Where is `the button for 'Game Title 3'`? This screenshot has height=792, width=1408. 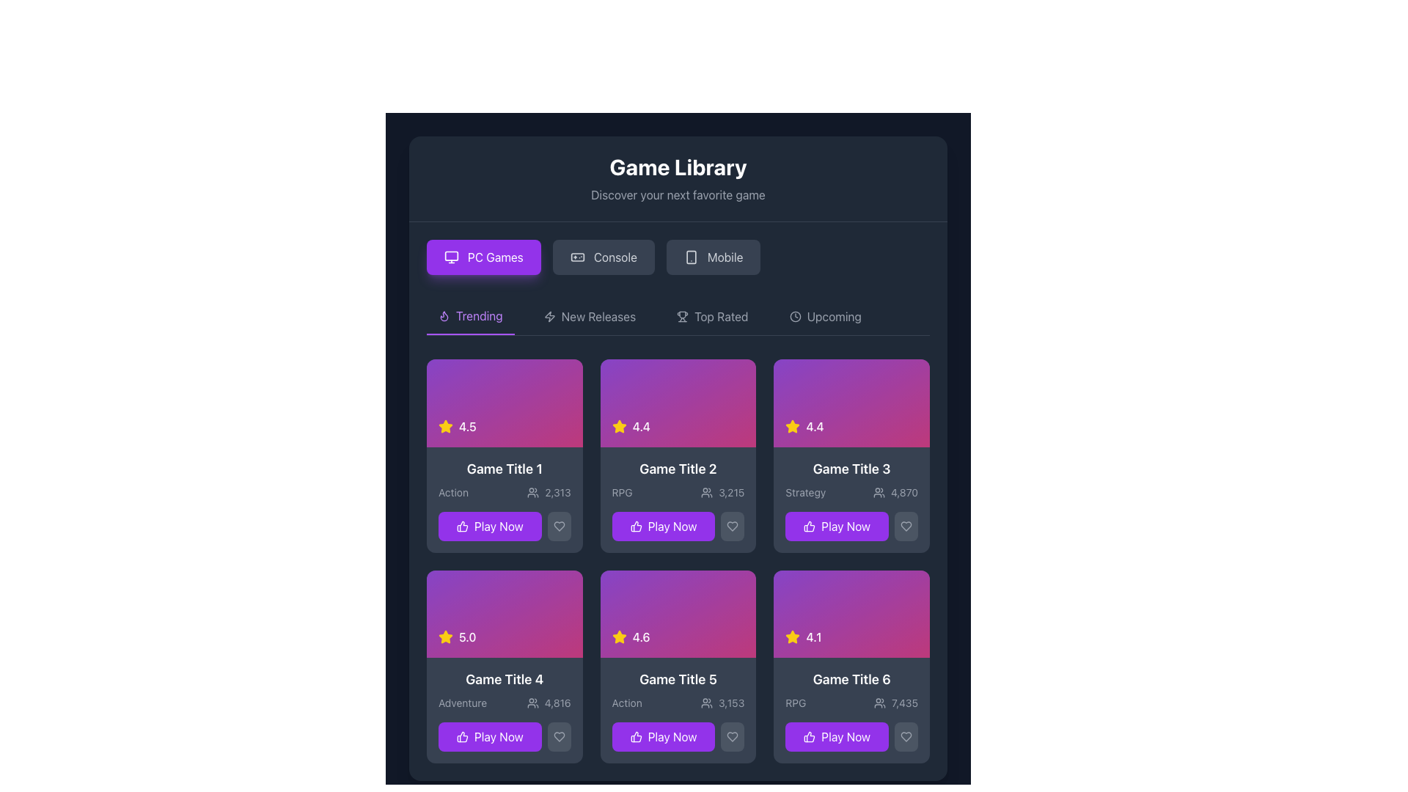 the button for 'Game Title 3' is located at coordinates (837, 525).